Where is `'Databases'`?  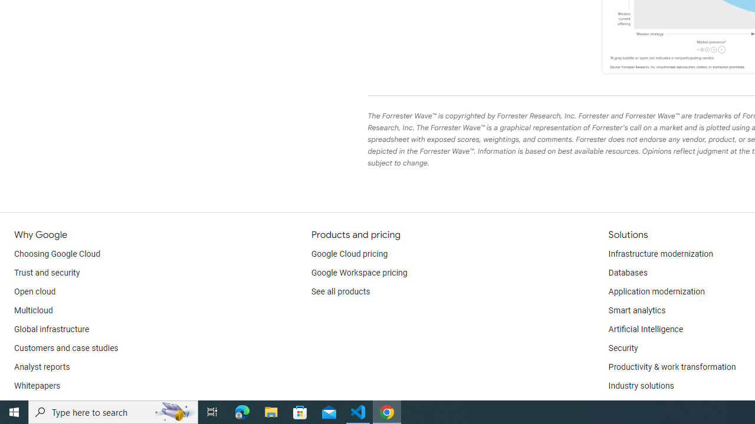
'Databases' is located at coordinates (627, 273).